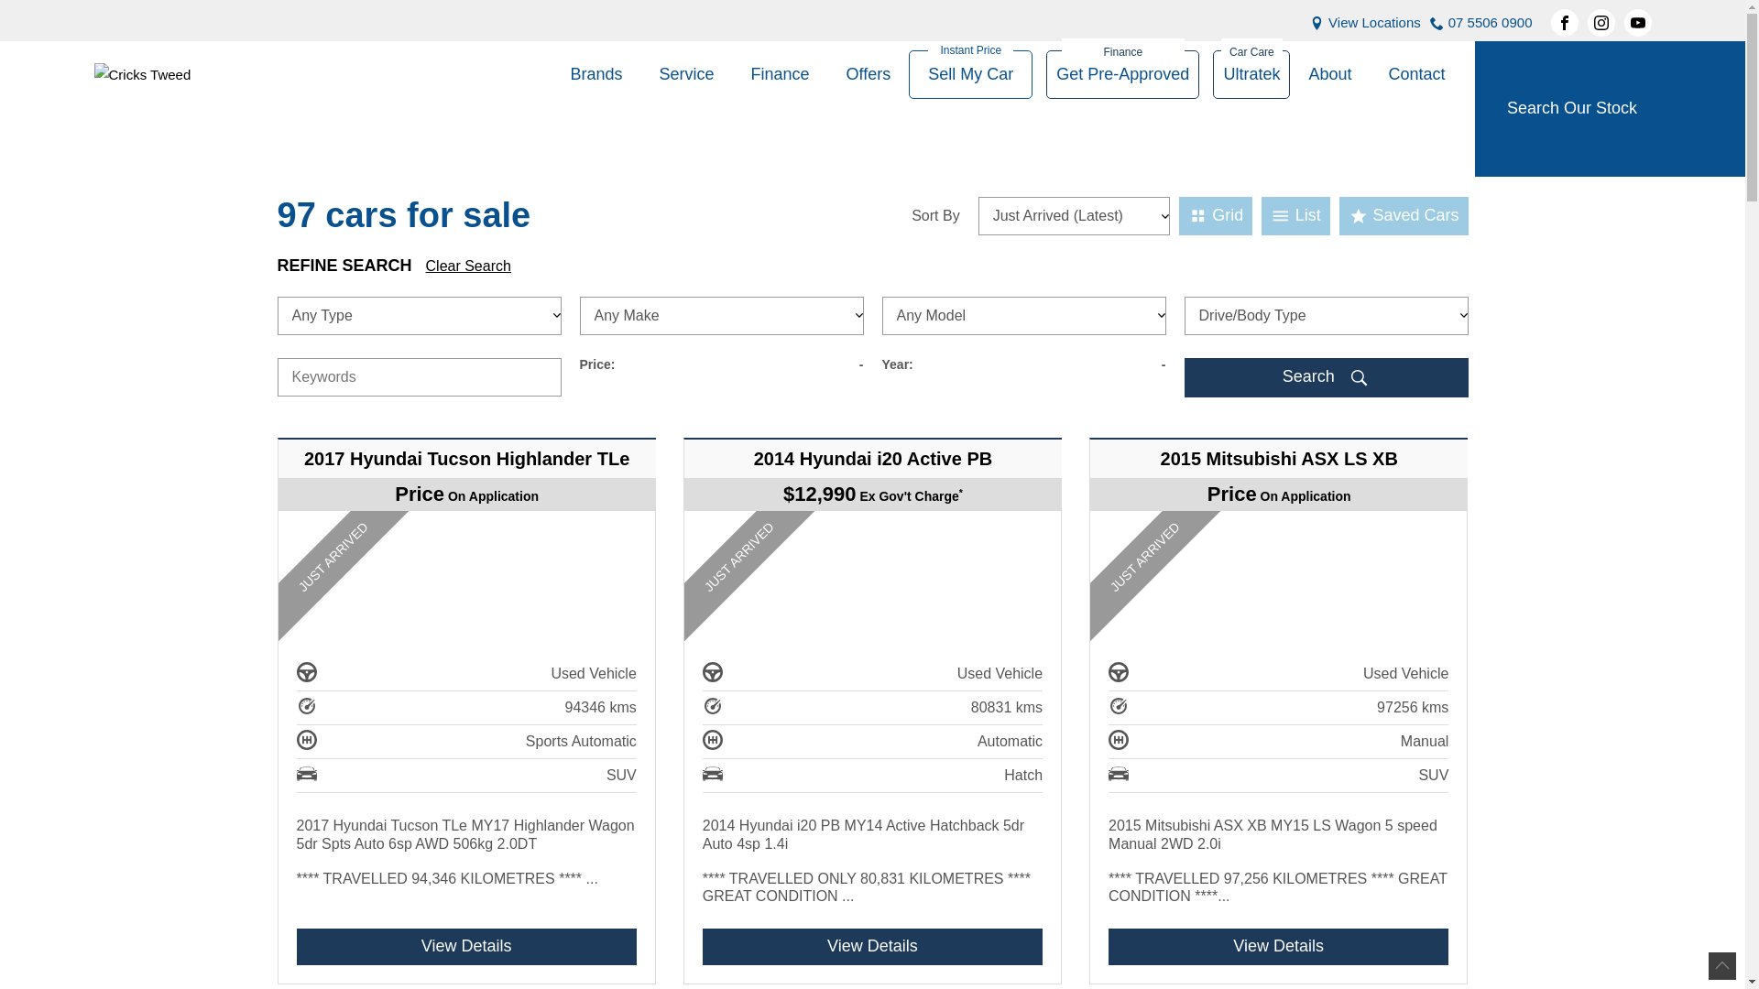 Image resolution: width=1759 pixels, height=989 pixels. I want to click on 'Sell My Car', so click(969, 73).